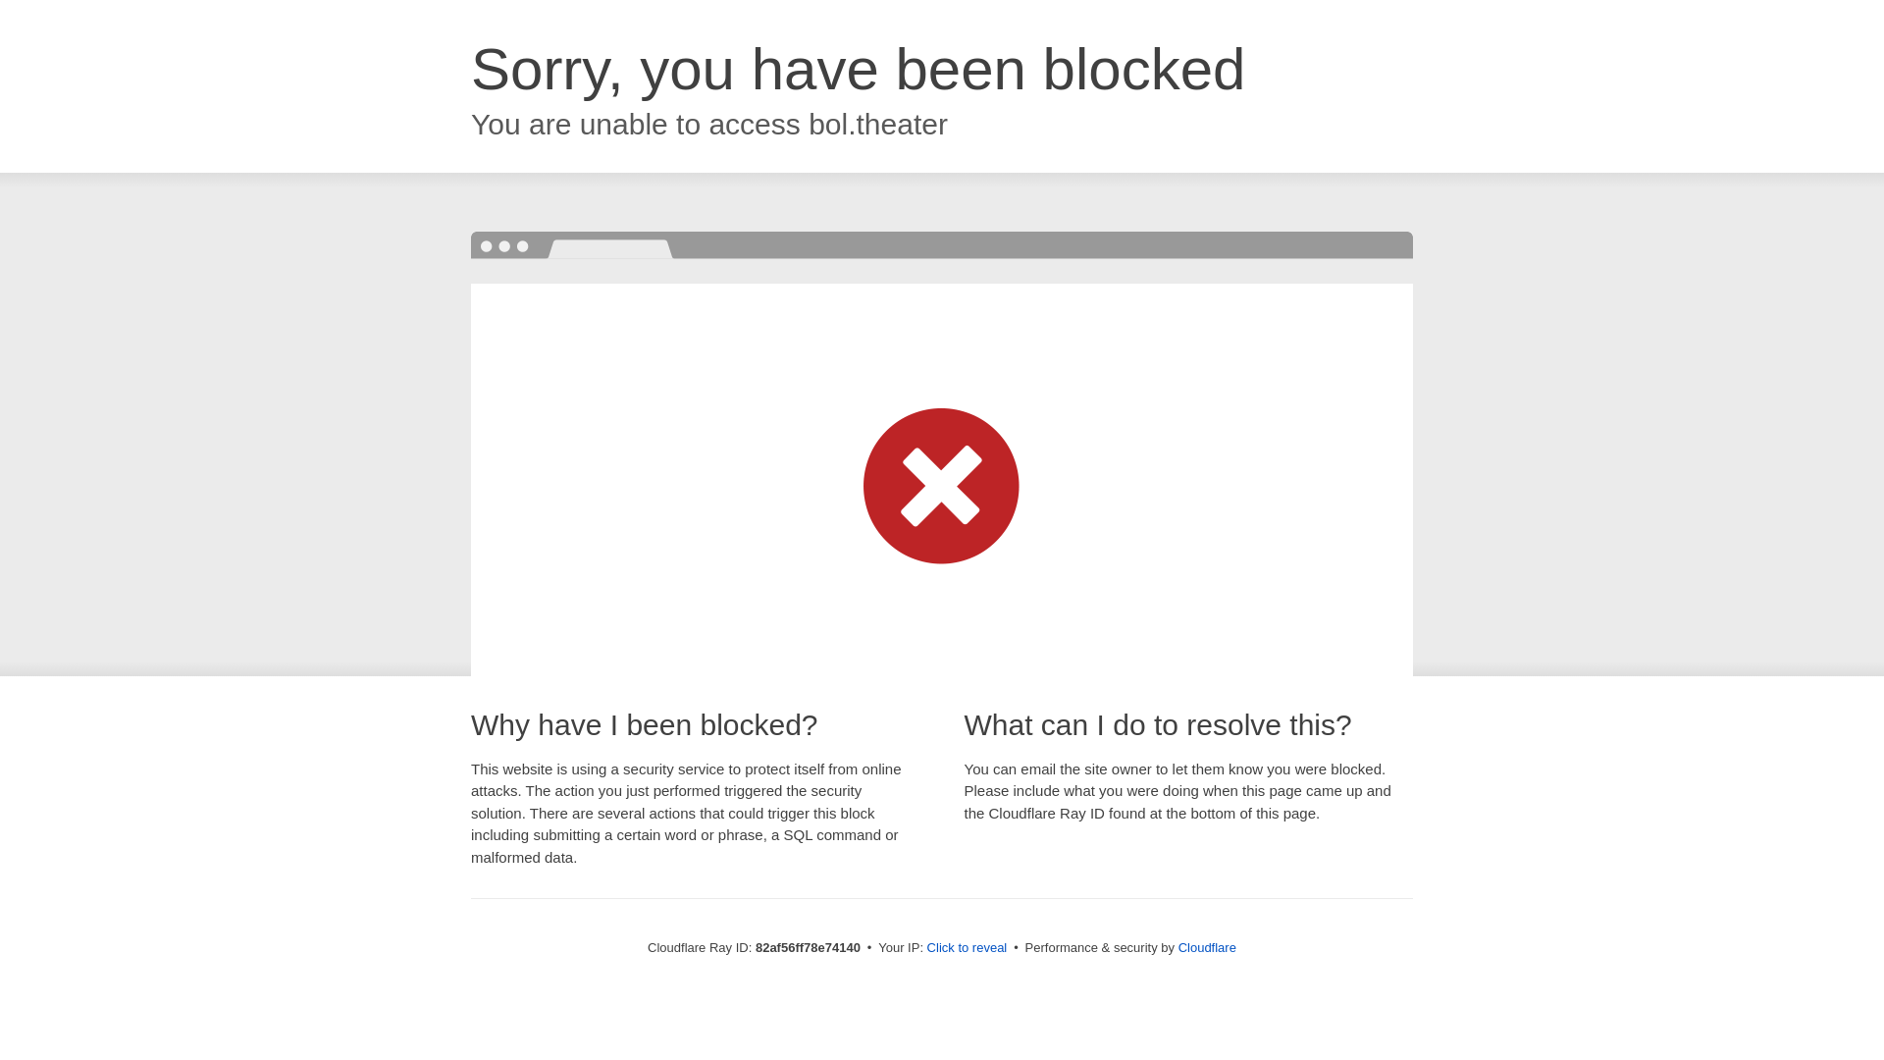  Describe the element at coordinates (967, 946) in the screenshot. I see `'Click to reveal'` at that location.